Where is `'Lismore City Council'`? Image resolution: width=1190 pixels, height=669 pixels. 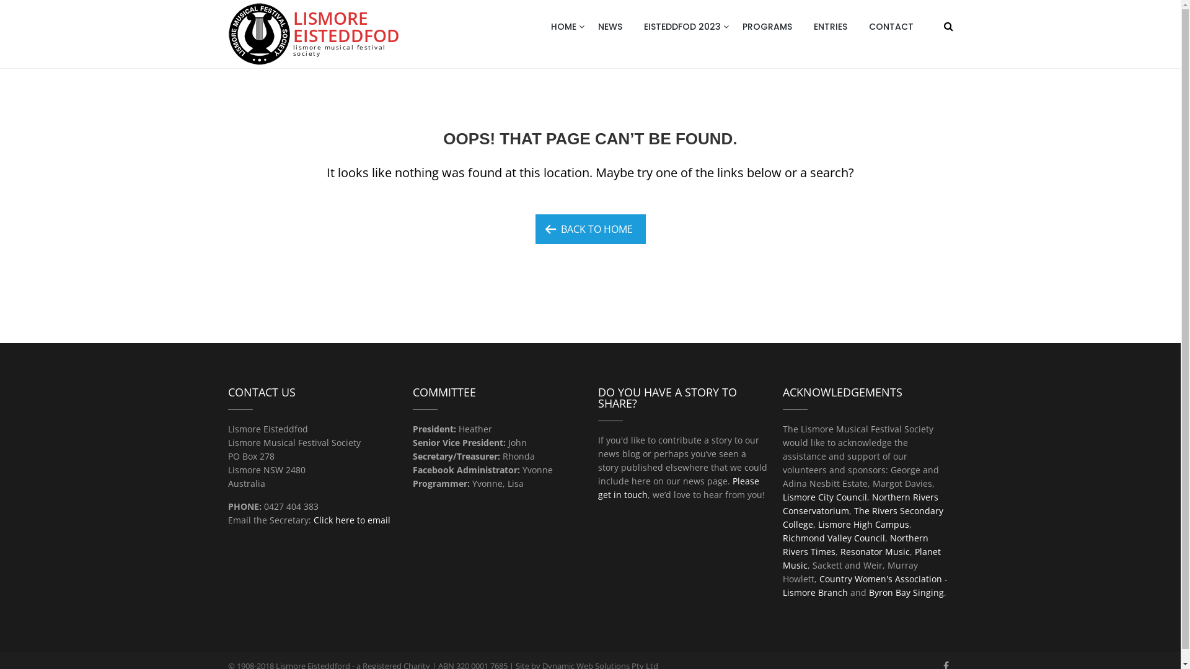
'Lismore City Council' is located at coordinates (824, 496).